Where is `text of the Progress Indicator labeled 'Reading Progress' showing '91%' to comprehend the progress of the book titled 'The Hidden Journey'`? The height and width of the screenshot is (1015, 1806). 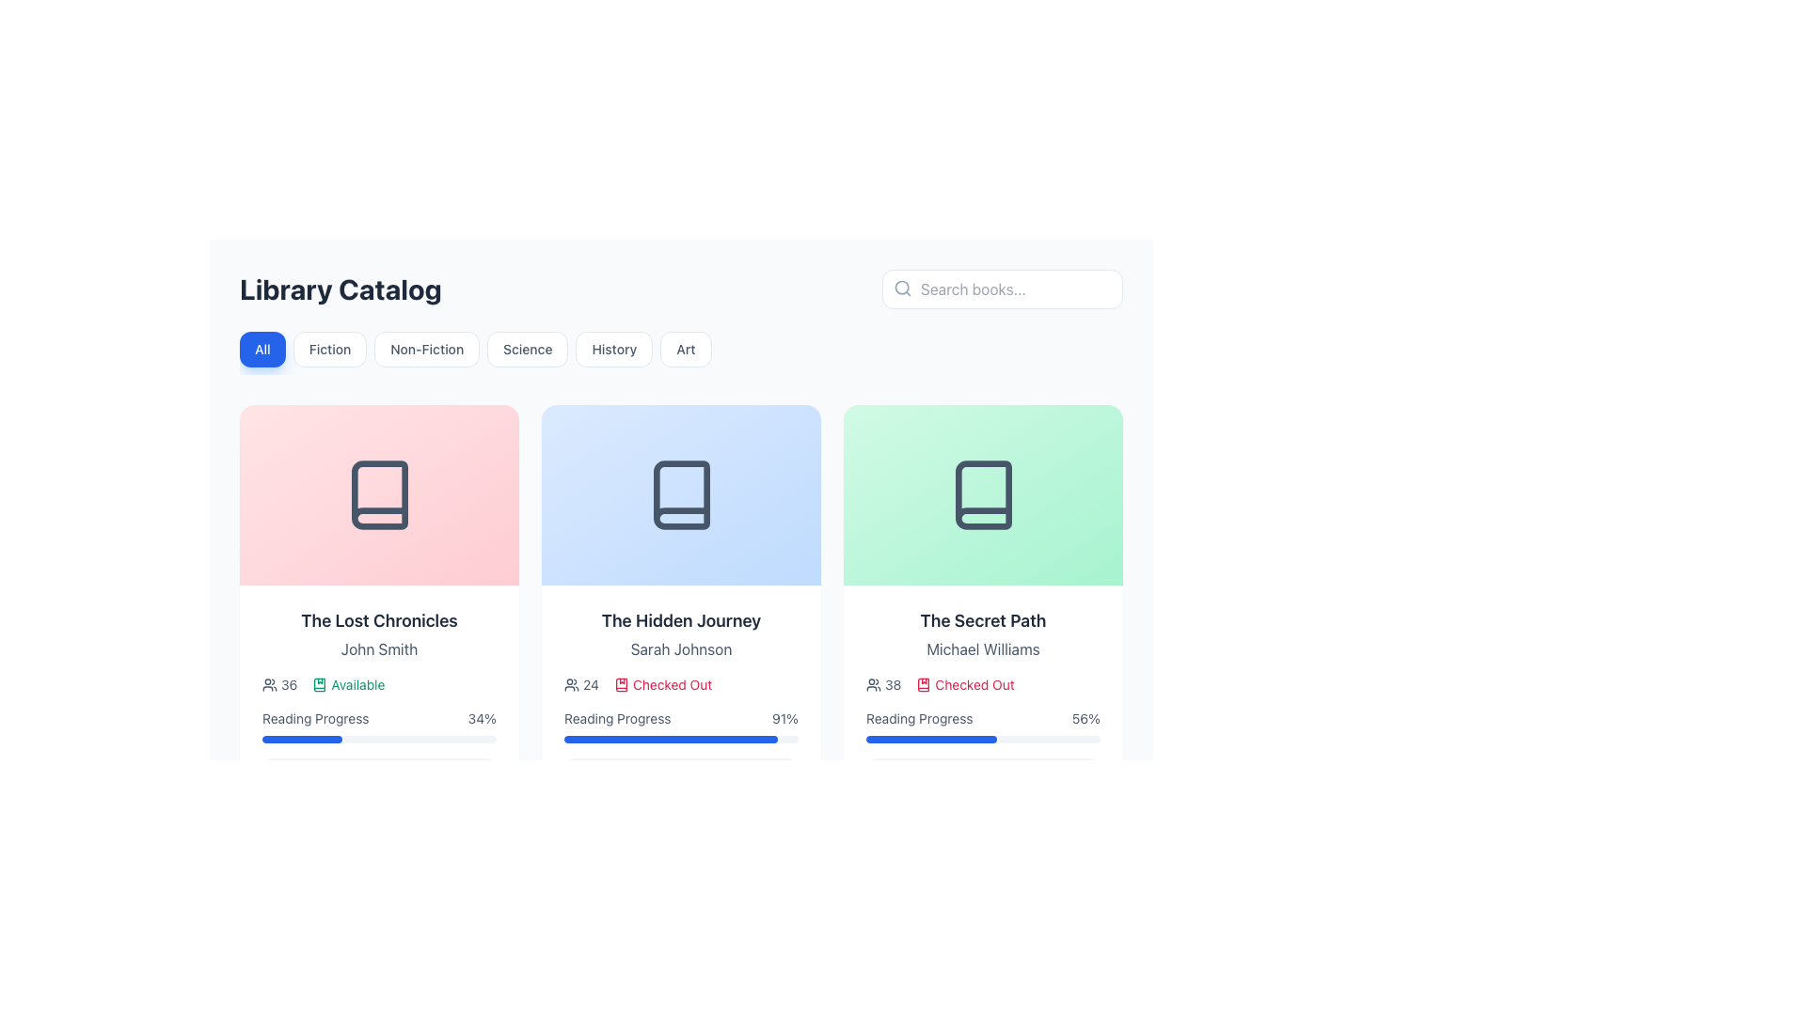 text of the Progress Indicator labeled 'Reading Progress' showing '91%' to comprehend the progress of the book titled 'The Hidden Journey' is located at coordinates (680, 725).